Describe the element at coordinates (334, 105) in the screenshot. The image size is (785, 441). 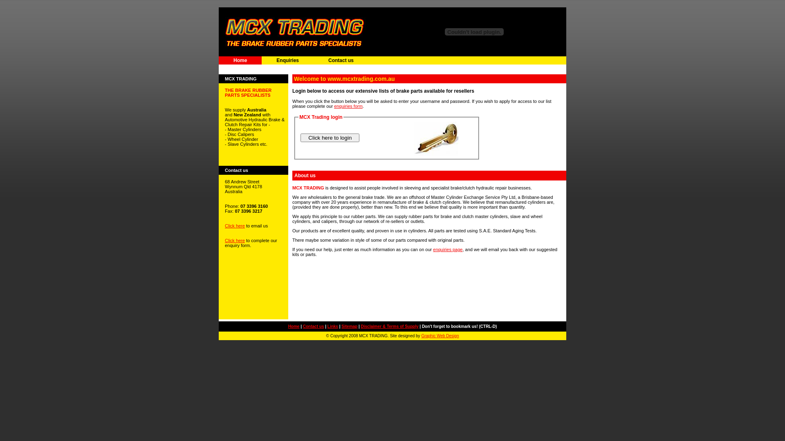
I see `'enquiries form'` at that location.